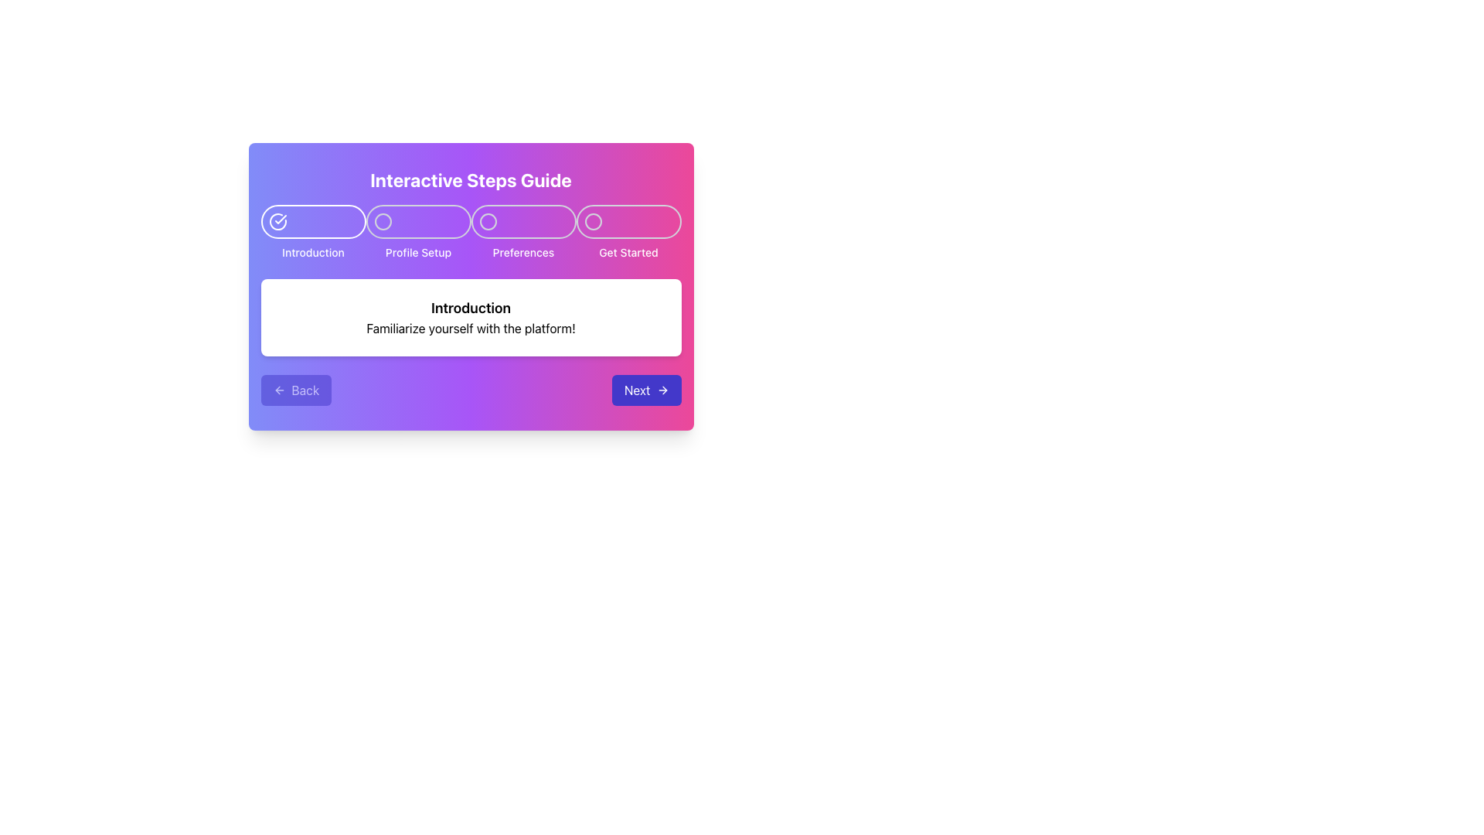 Image resolution: width=1484 pixels, height=835 pixels. What do you see at coordinates (312, 232) in the screenshot?
I see `the 'Introduction' step indicator in the multi-step guide, which visually represents the current step with a label and an icon, located at the top-left side of the interface` at bounding box center [312, 232].